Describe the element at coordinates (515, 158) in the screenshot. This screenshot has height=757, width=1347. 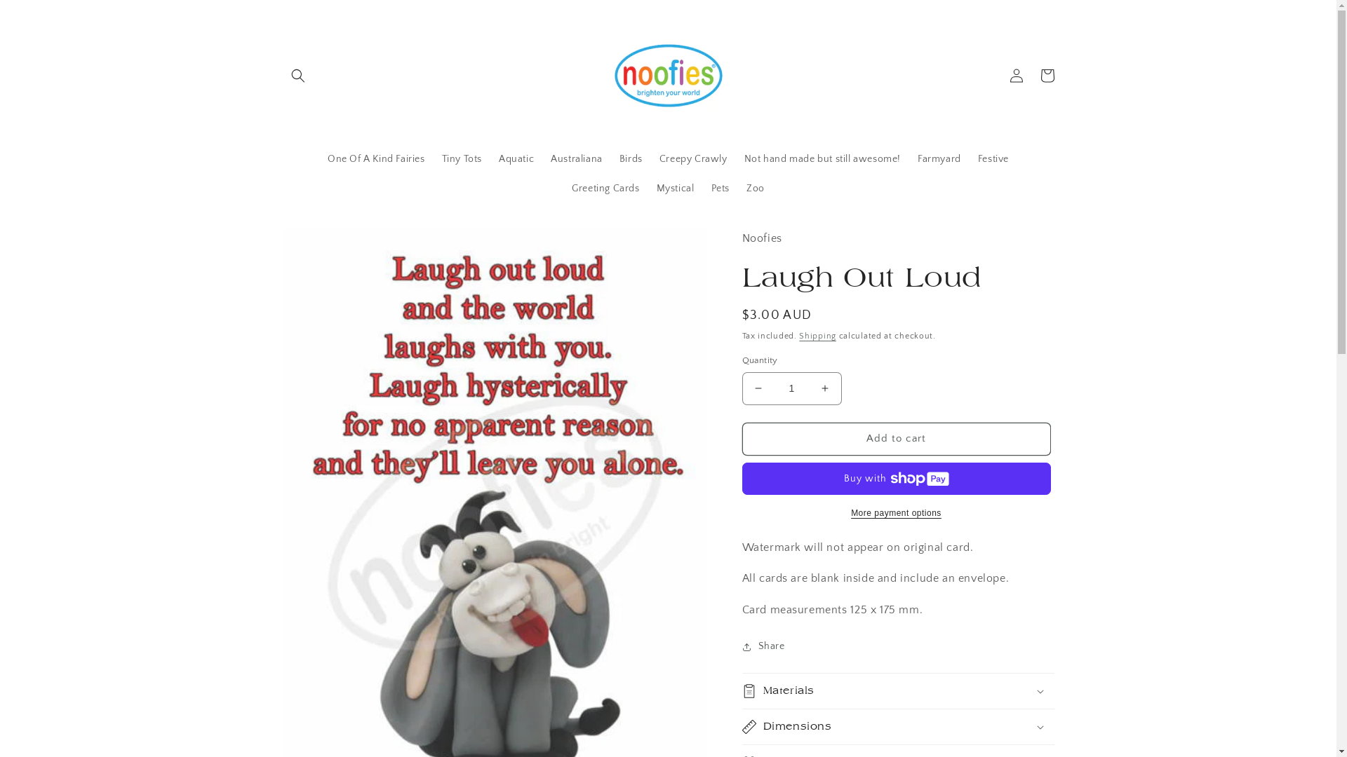
I see `'Aquatic'` at that location.